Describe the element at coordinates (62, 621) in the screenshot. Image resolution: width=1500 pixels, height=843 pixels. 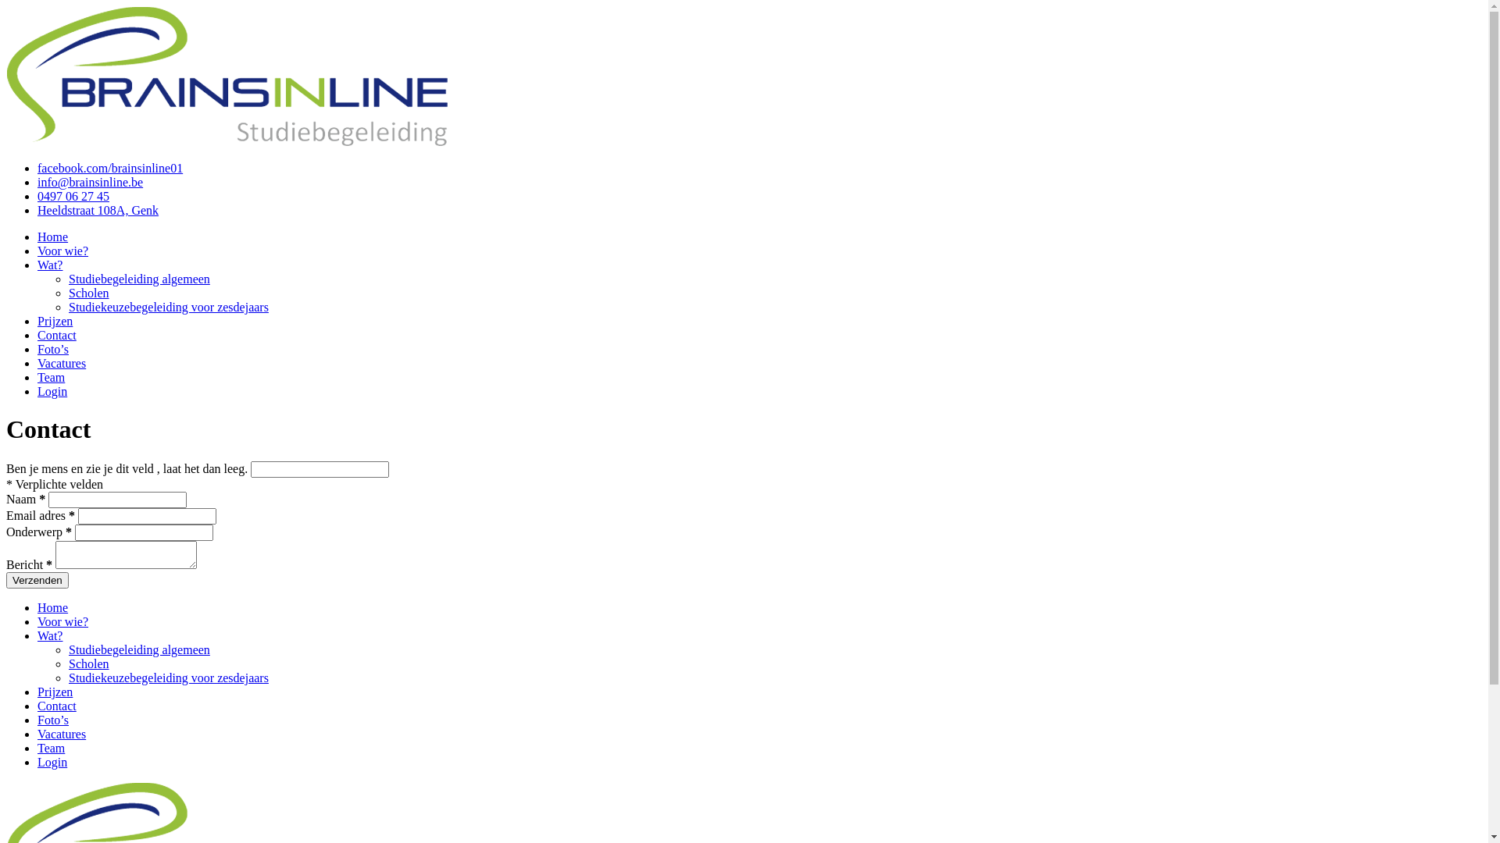
I see `'Voor wie?'` at that location.